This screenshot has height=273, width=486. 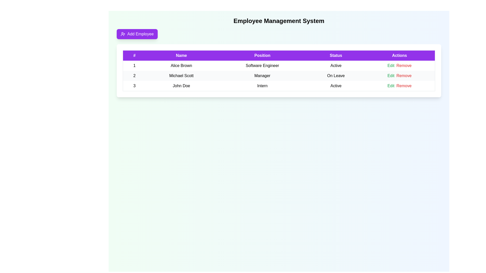 I want to click on the inline text links 'Edit' and 'Remove' in the Actions column of the first row, which corresponds to the details of 'Alice Brown', so click(x=399, y=65).